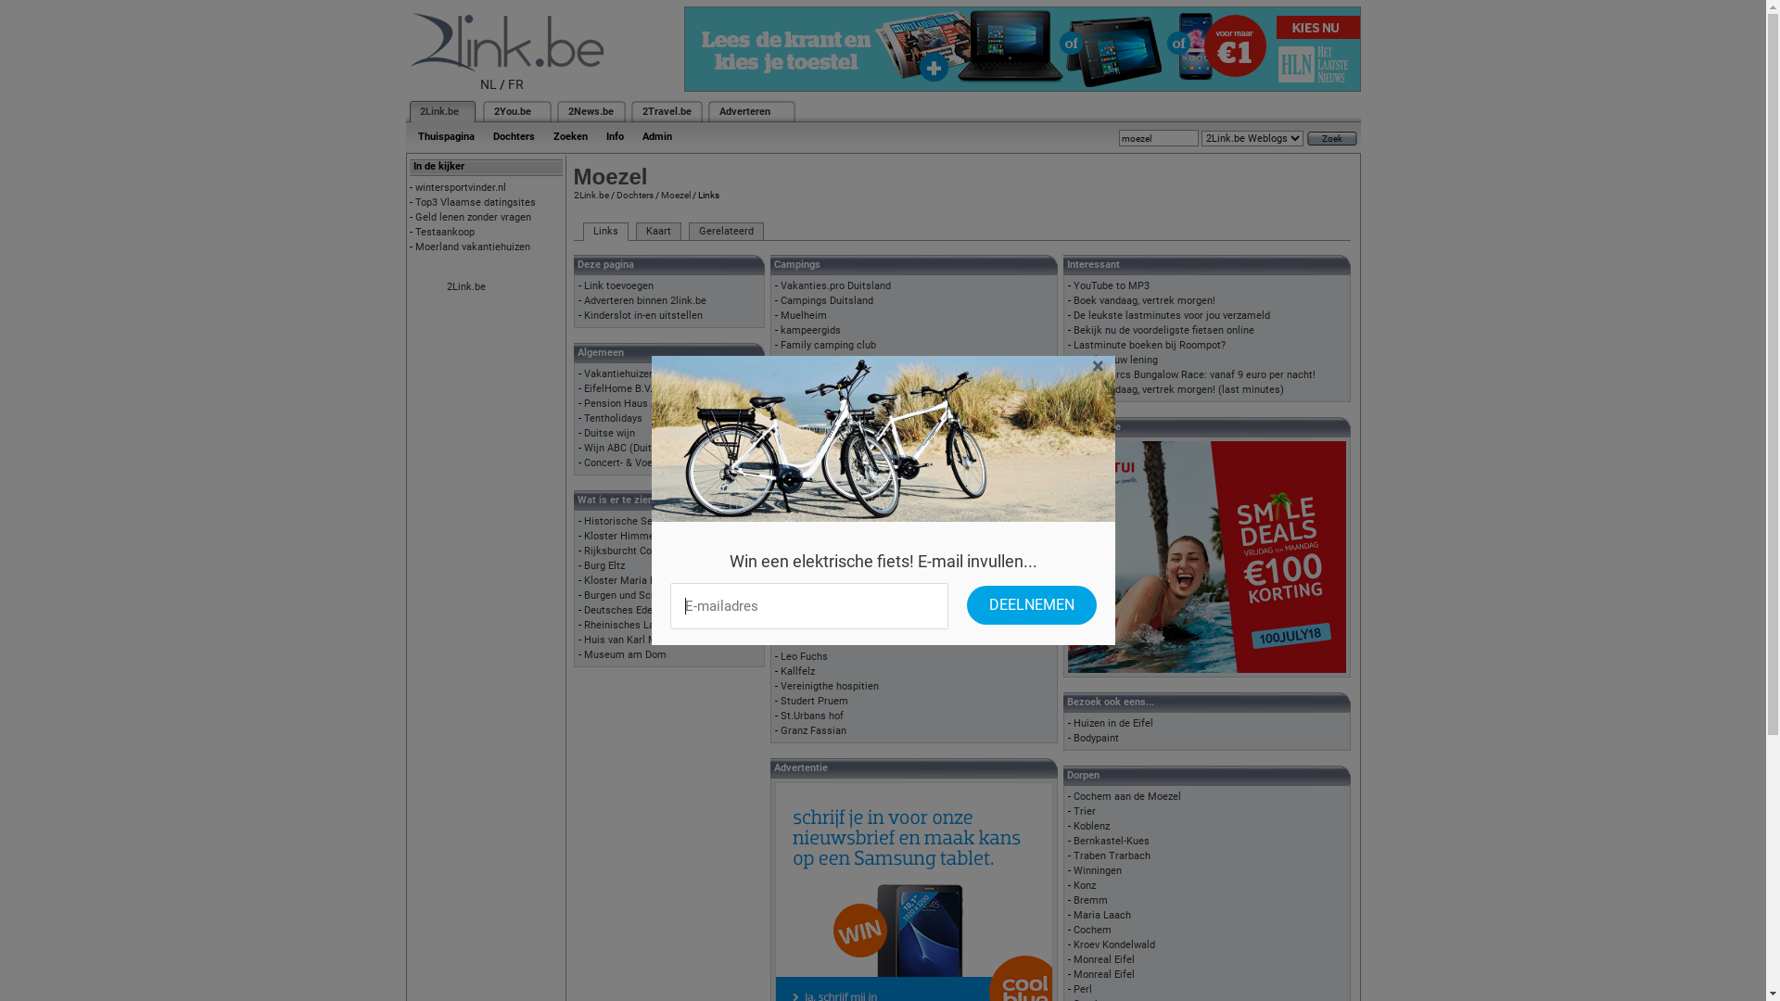 The height and width of the screenshot is (1001, 1780). I want to click on 'Campings Duitsland', so click(826, 299).